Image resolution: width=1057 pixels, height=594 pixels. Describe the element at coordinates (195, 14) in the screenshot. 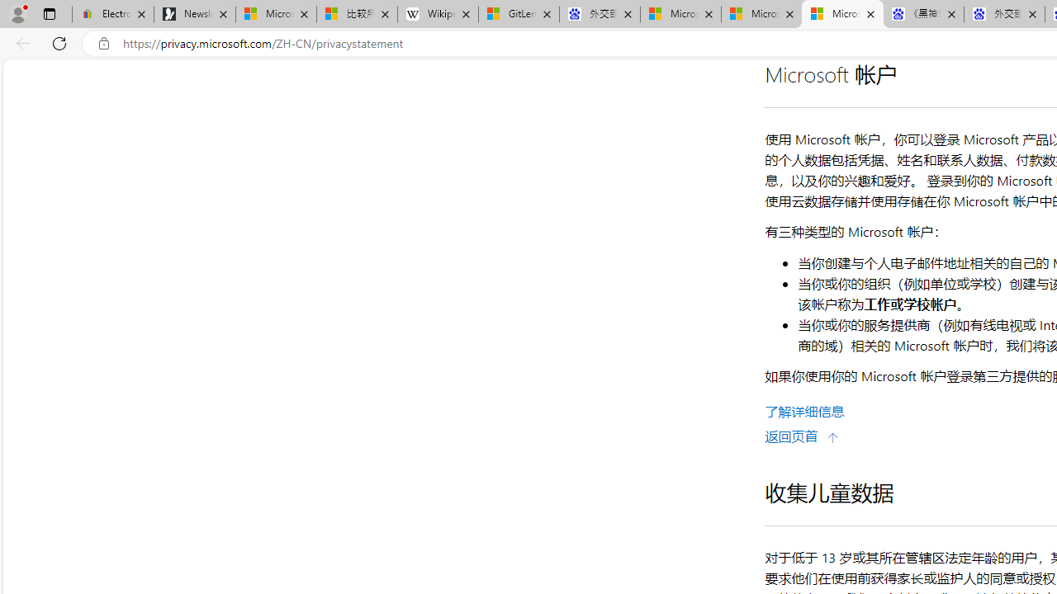

I see `'Newsletter Sign Up'` at that location.